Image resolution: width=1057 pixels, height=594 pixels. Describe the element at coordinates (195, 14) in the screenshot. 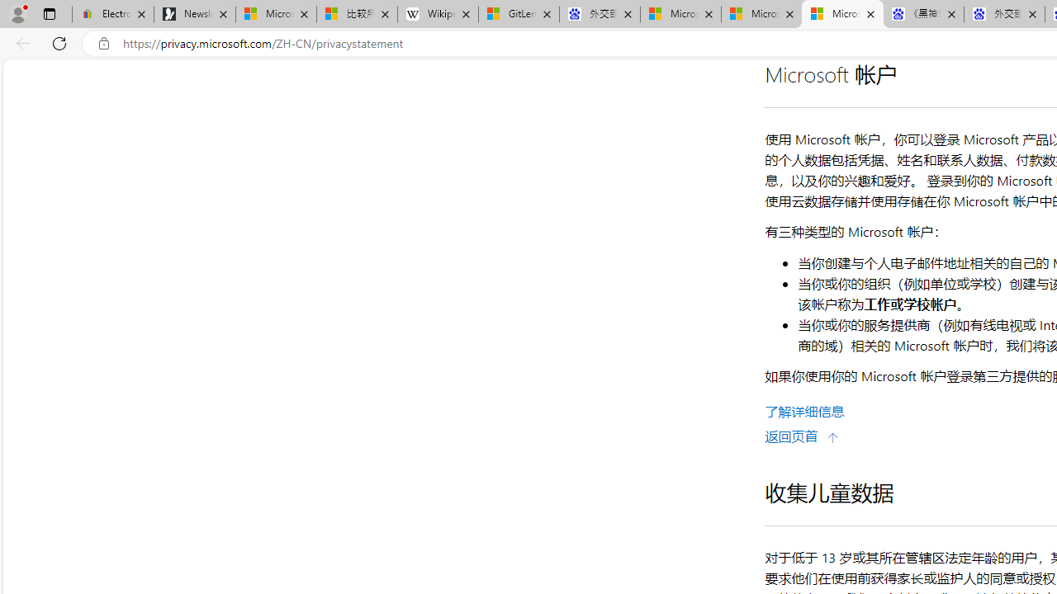

I see `'Newsletter Sign Up'` at that location.